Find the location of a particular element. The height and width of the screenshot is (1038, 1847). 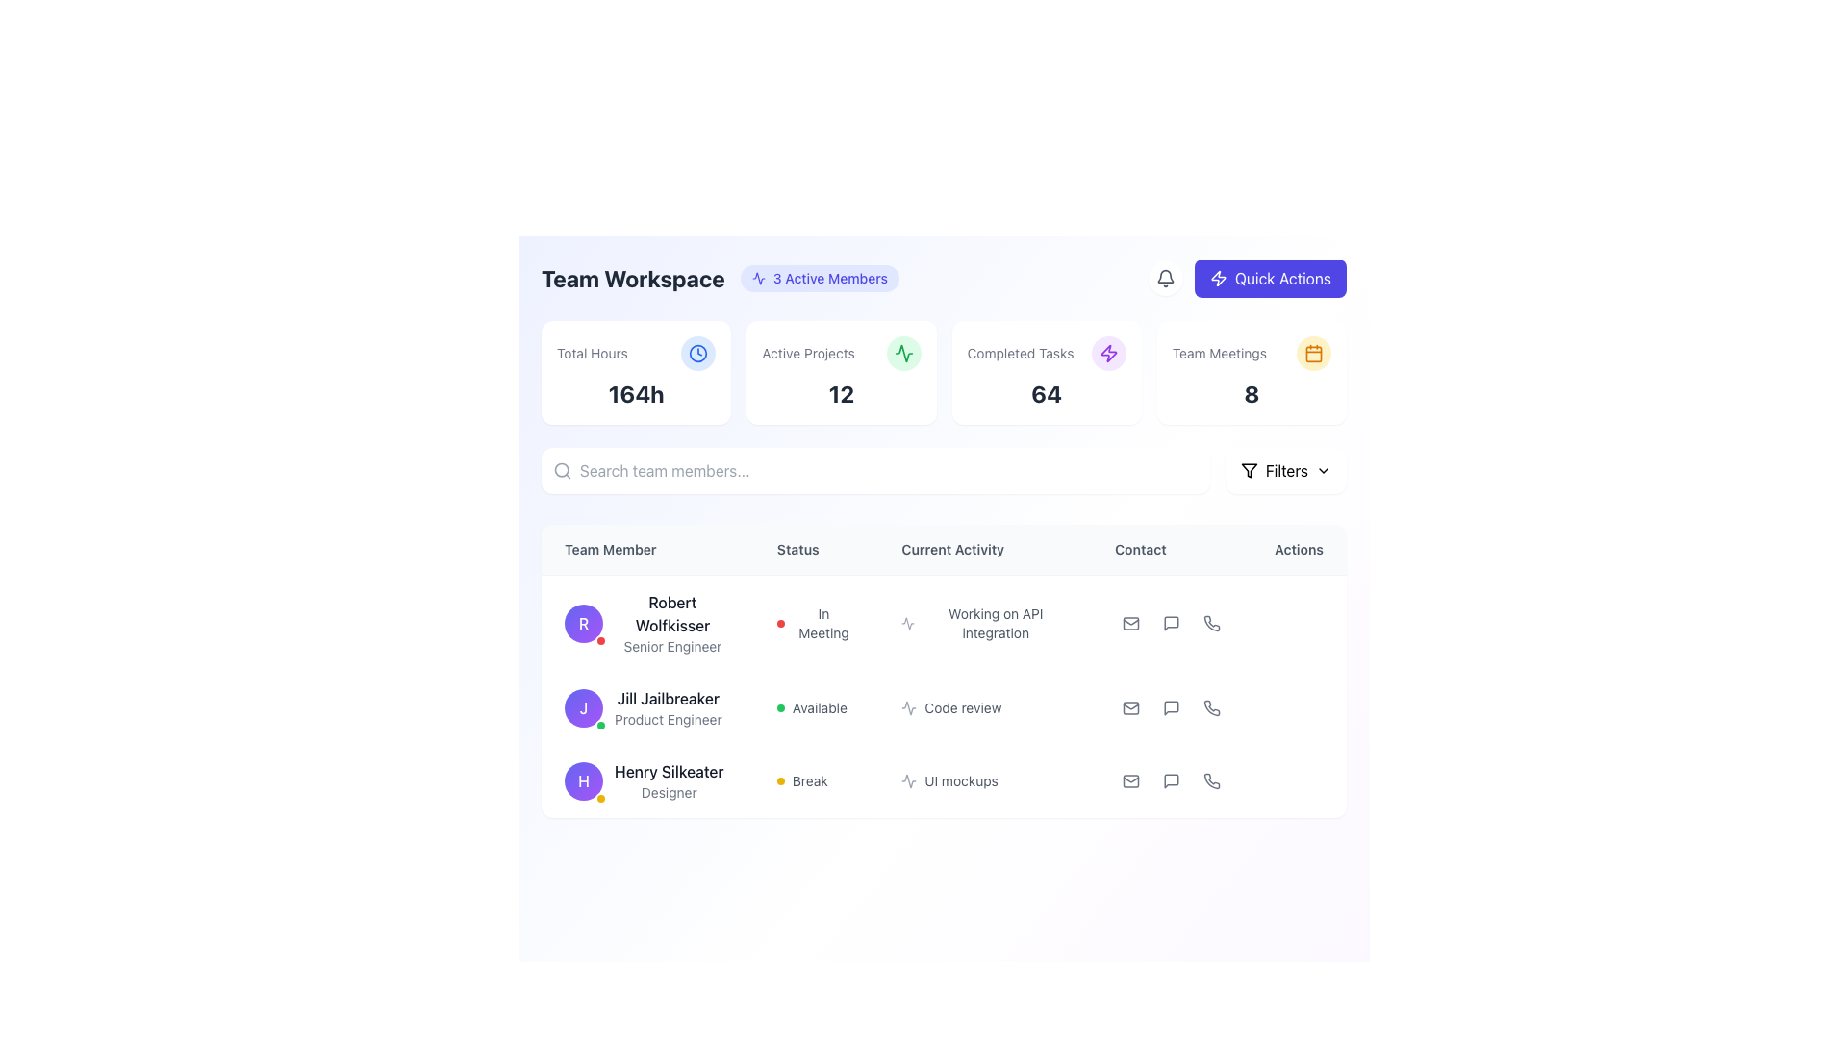

the 'UI mockups' text label with an activity icon in the 'Current Activity' column for user 'Henry Silkeater' in the third row of the table is located at coordinates (985, 781).